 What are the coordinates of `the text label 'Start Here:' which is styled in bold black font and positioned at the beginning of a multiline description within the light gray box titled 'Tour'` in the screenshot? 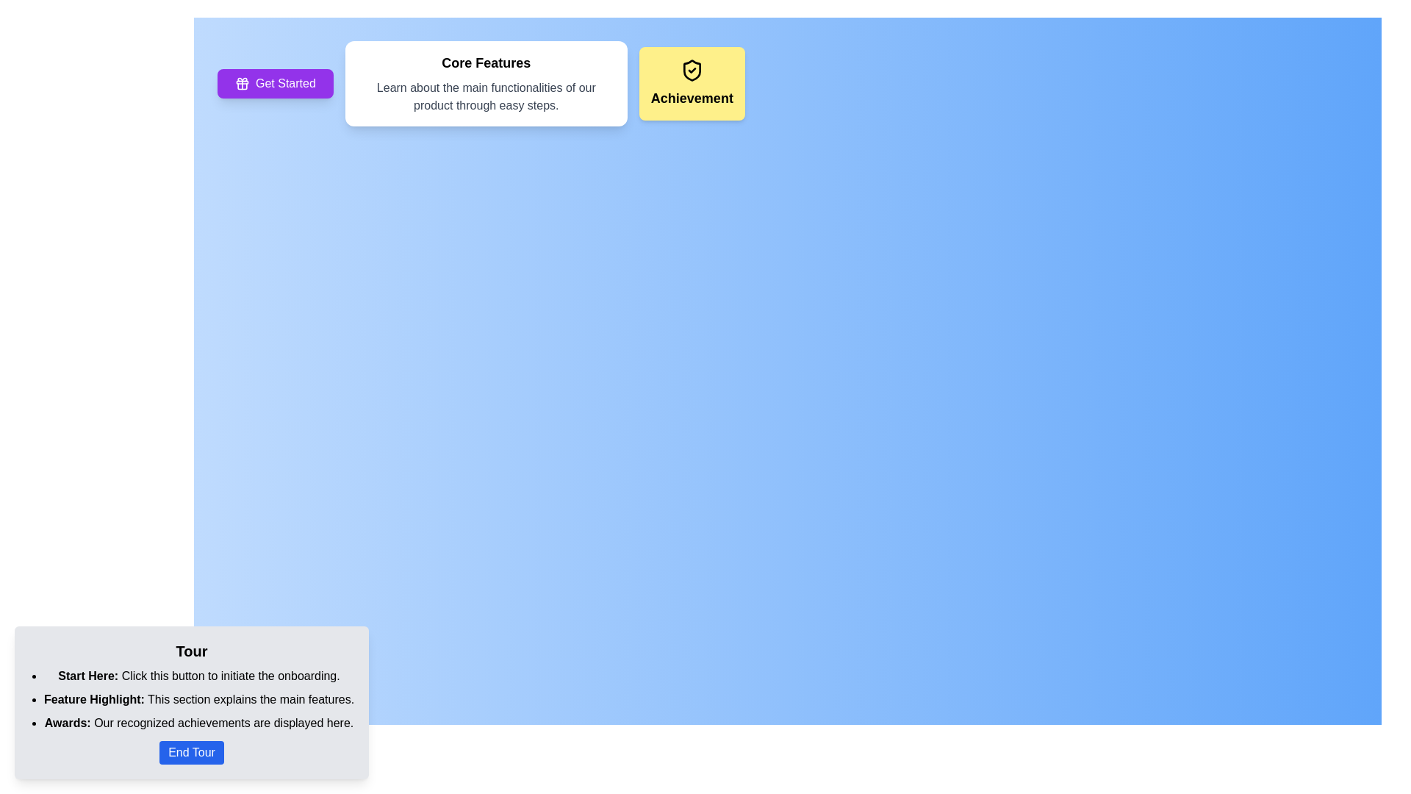 It's located at (87, 676).